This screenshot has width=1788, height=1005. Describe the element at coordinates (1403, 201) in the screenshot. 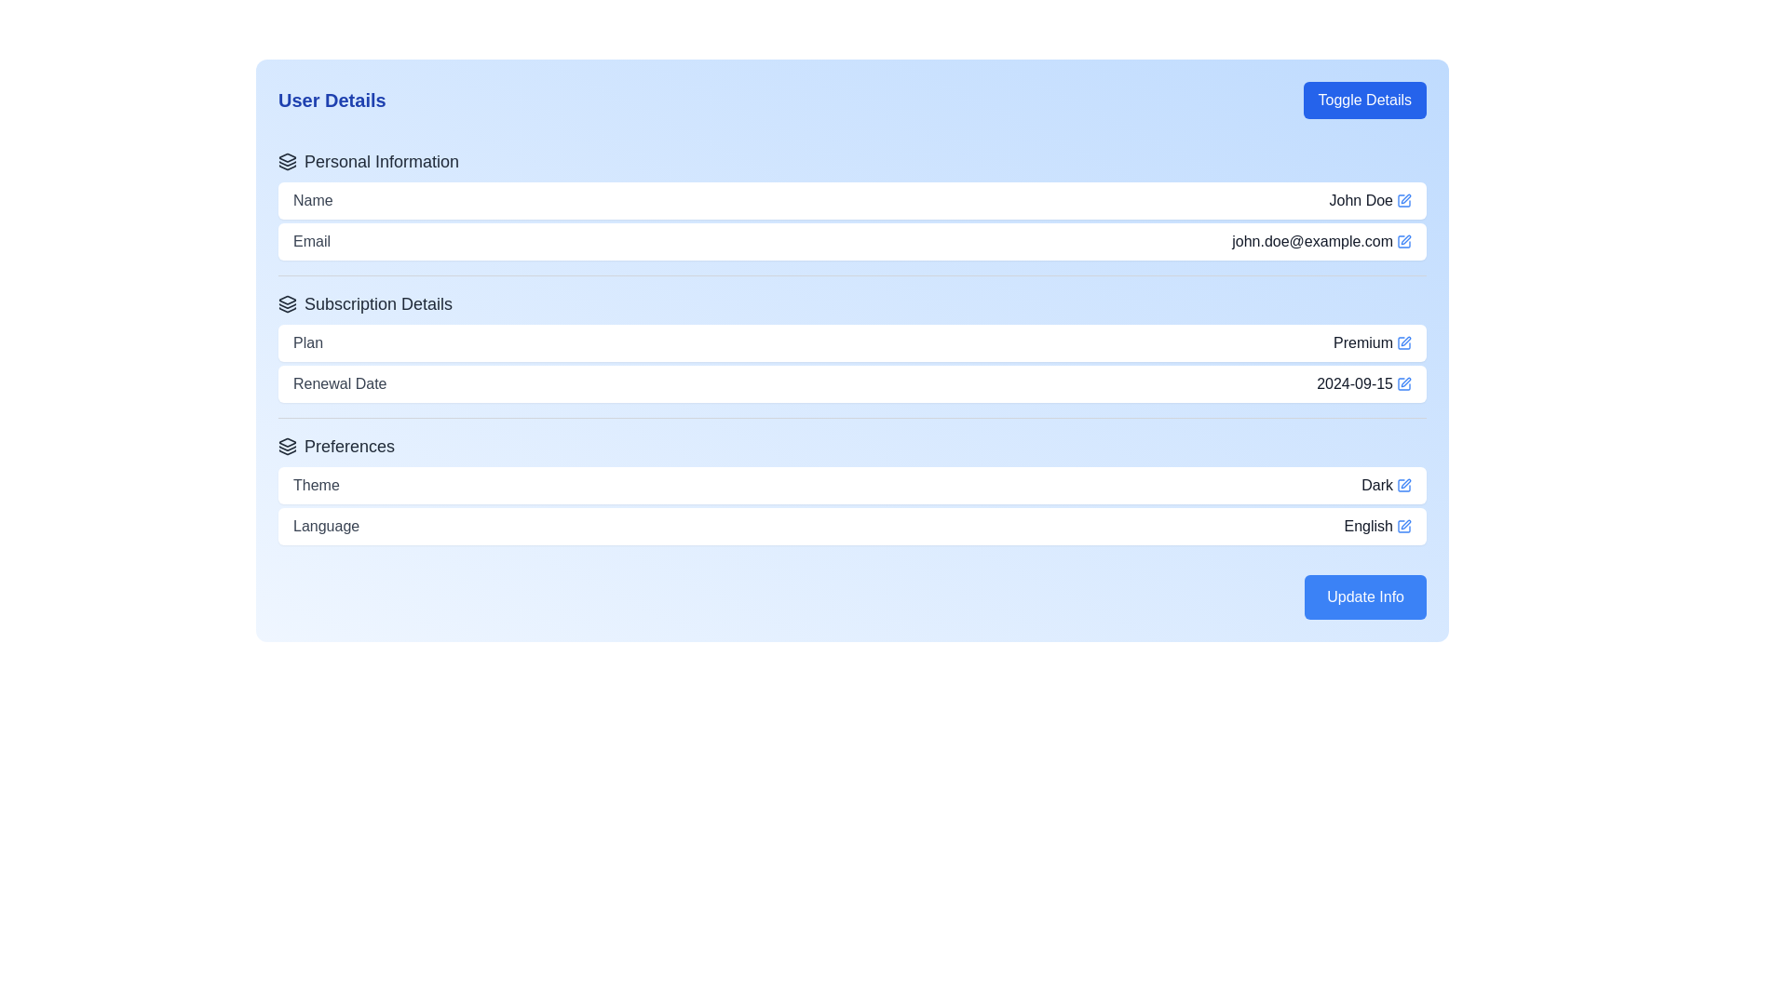

I see `the blue square-shaped icon button with a pen illustration next to the 'John Doe' label` at that location.